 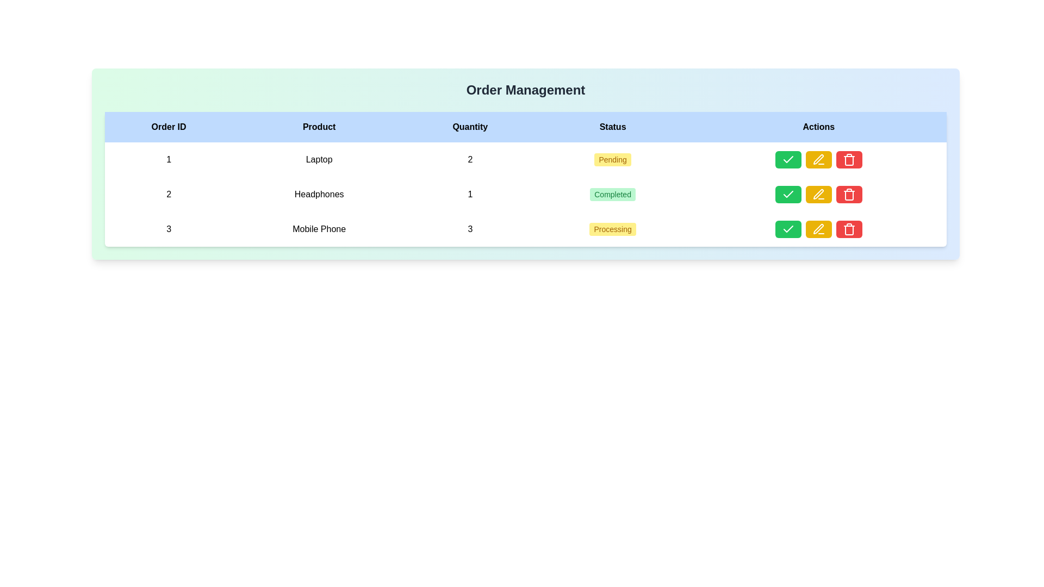 I want to click on the edit action icon within the yellow button located in the 'Actions' column of the second row of the table to visualize interactive feedback, so click(x=818, y=194).